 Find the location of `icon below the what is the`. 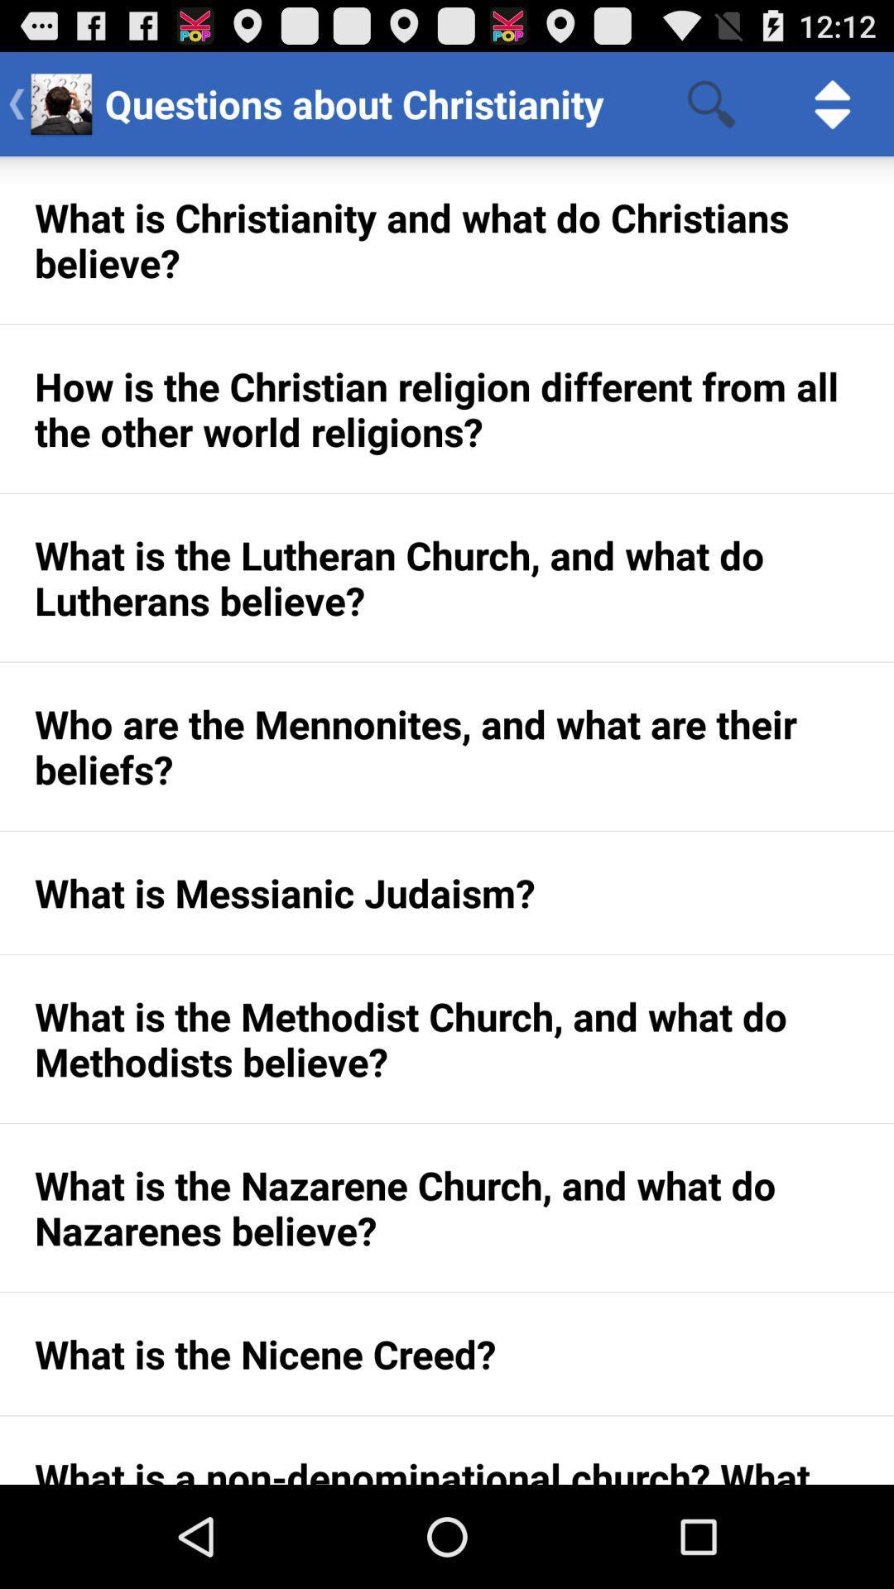

icon below the what is the is located at coordinates (447, 746).